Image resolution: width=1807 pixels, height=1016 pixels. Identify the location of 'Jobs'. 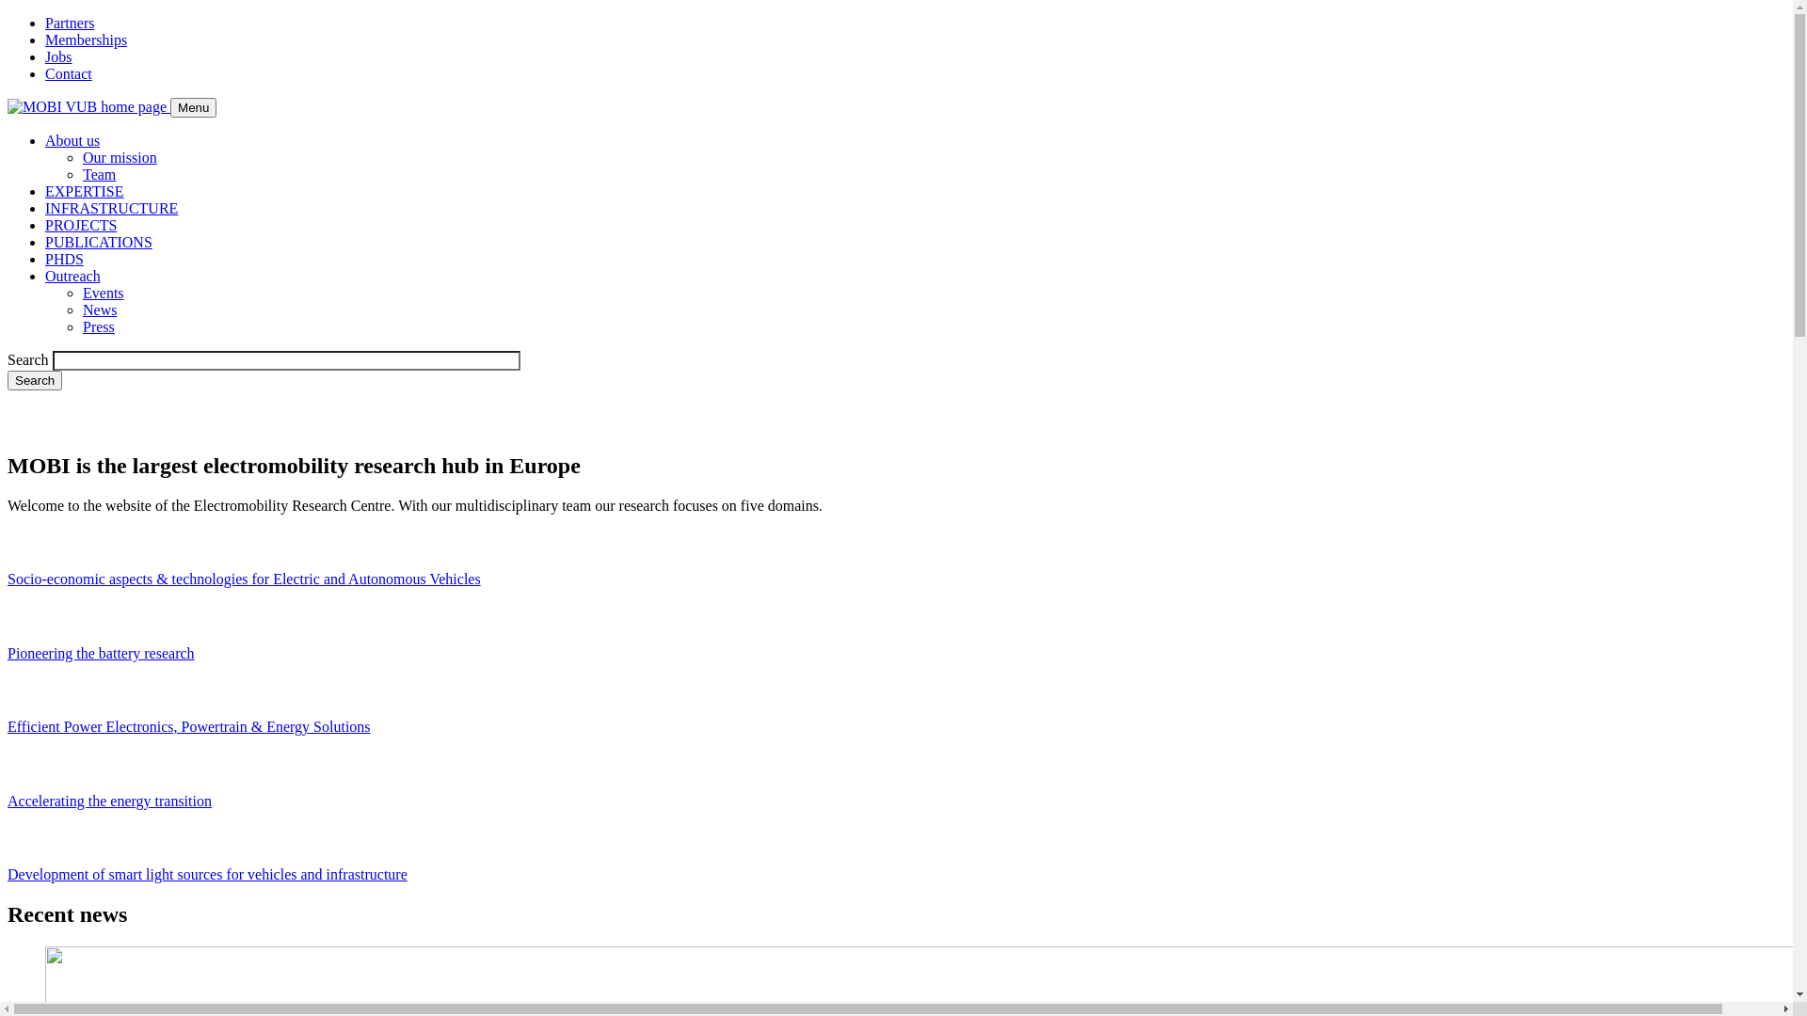
(45, 56).